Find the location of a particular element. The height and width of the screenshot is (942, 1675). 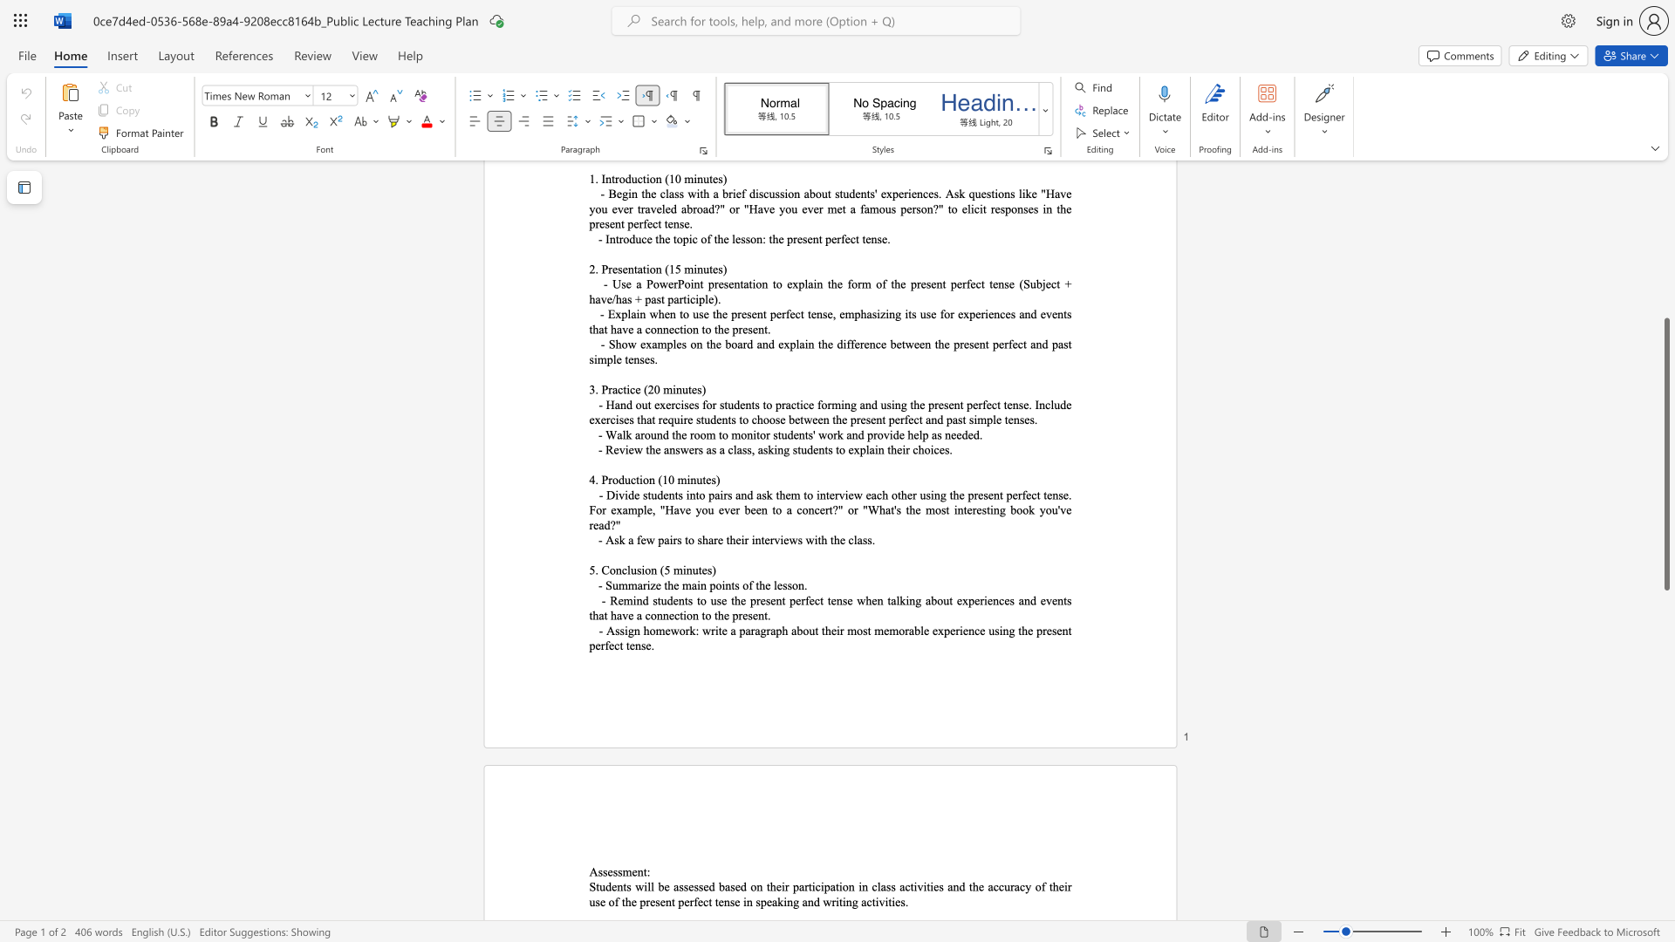

the subset text "lusion (5 minutes" within the text "5. Conclusion (5 minutes)" is located at coordinates (627, 570).